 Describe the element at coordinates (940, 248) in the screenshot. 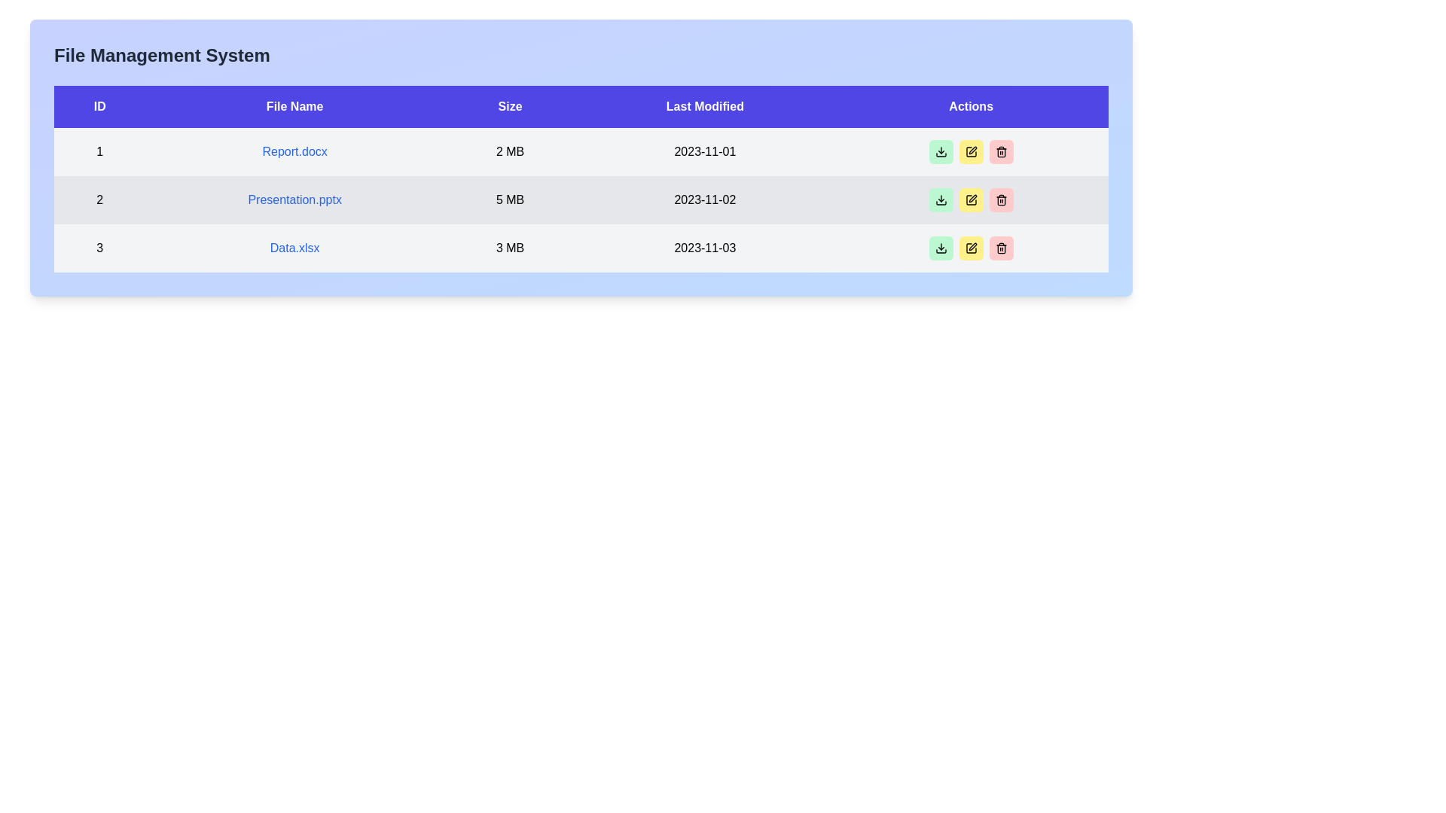

I see `the green rounded rectangle button with a download icon located in the third row of the Actions column` at that location.